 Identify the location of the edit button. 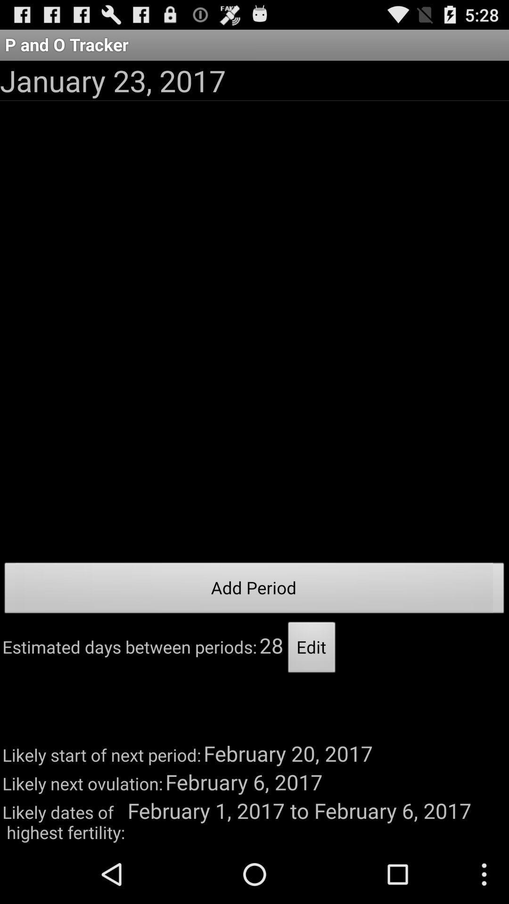
(312, 649).